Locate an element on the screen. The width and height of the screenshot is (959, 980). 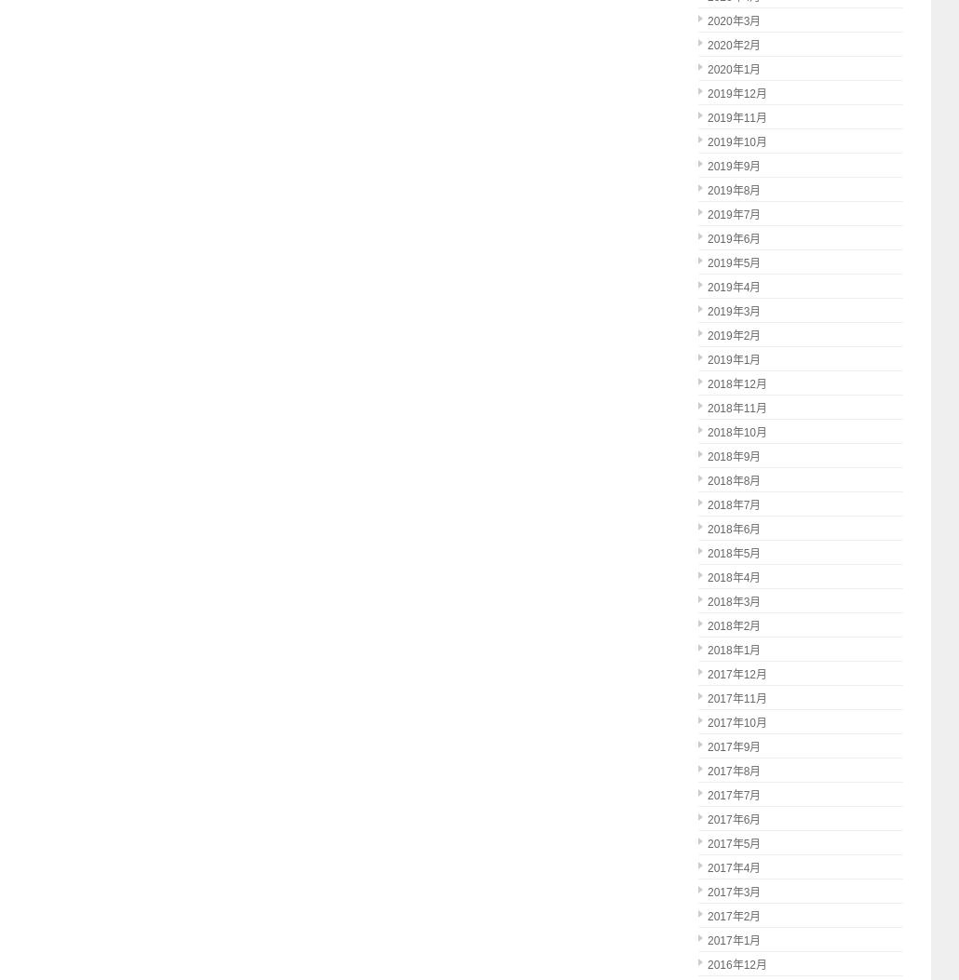
'2017年12月' is located at coordinates (736, 673).